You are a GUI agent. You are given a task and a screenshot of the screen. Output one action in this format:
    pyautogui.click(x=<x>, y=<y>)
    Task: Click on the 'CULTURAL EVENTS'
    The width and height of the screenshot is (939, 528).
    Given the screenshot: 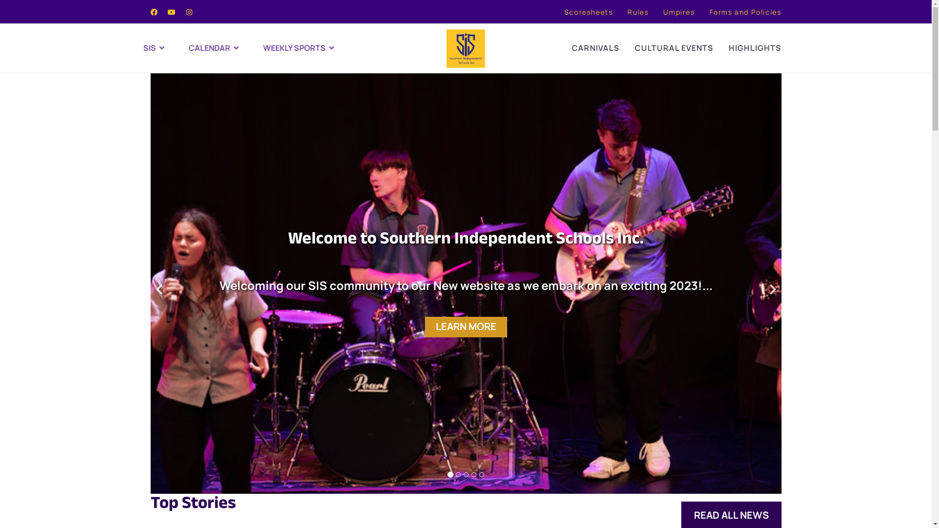 What is the action you would take?
    pyautogui.click(x=673, y=47)
    